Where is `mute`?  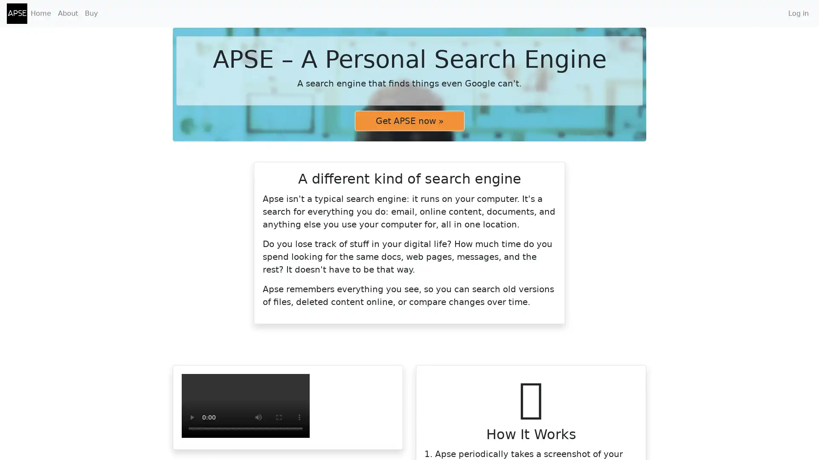 mute is located at coordinates (258, 417).